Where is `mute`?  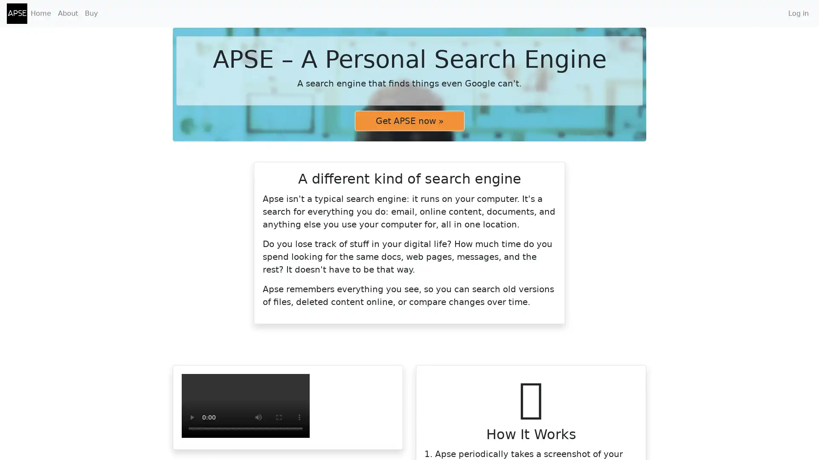 mute is located at coordinates (258, 417).